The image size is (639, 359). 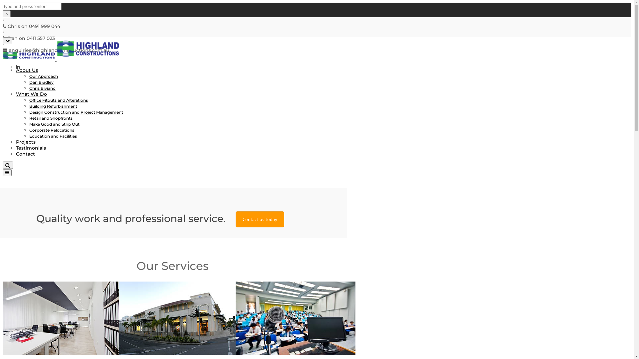 What do you see at coordinates (54, 124) in the screenshot?
I see `'Make Good and Strip Out'` at bounding box center [54, 124].